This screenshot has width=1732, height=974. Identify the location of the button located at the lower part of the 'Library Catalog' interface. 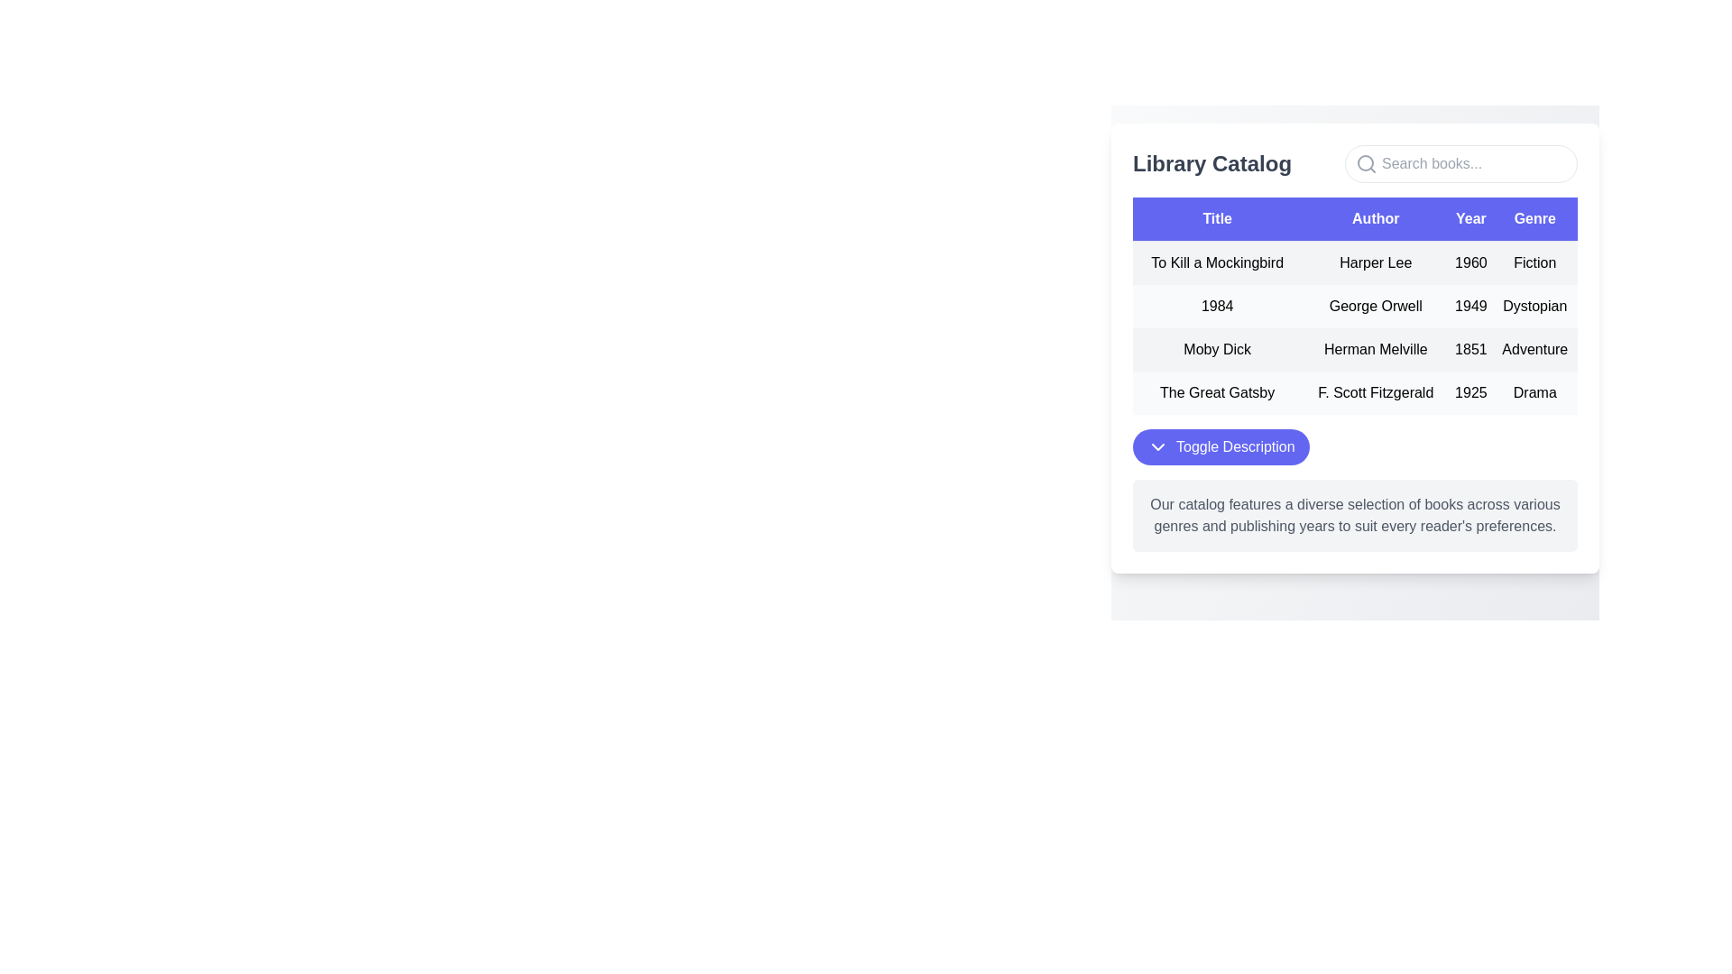
(1221, 446).